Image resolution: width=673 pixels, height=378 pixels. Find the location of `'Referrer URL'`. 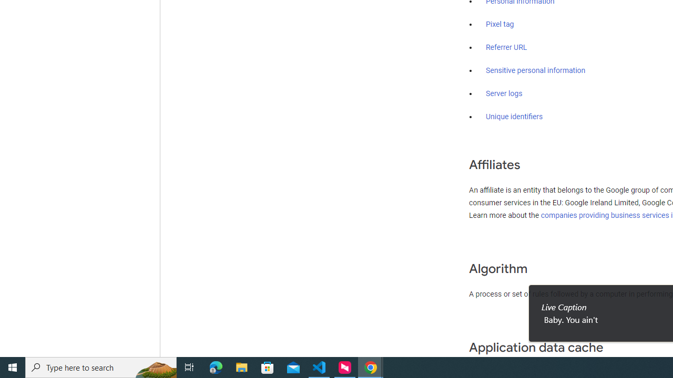

'Referrer URL' is located at coordinates (506, 48).